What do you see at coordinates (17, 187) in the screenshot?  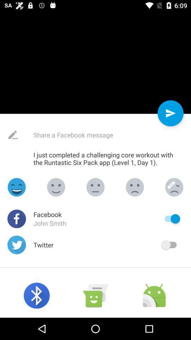 I see `the emoji icon` at bounding box center [17, 187].